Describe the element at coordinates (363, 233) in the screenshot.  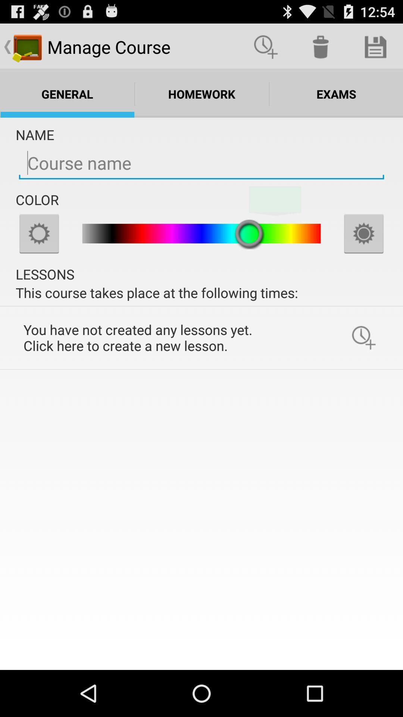
I see `increase color brightness` at that location.